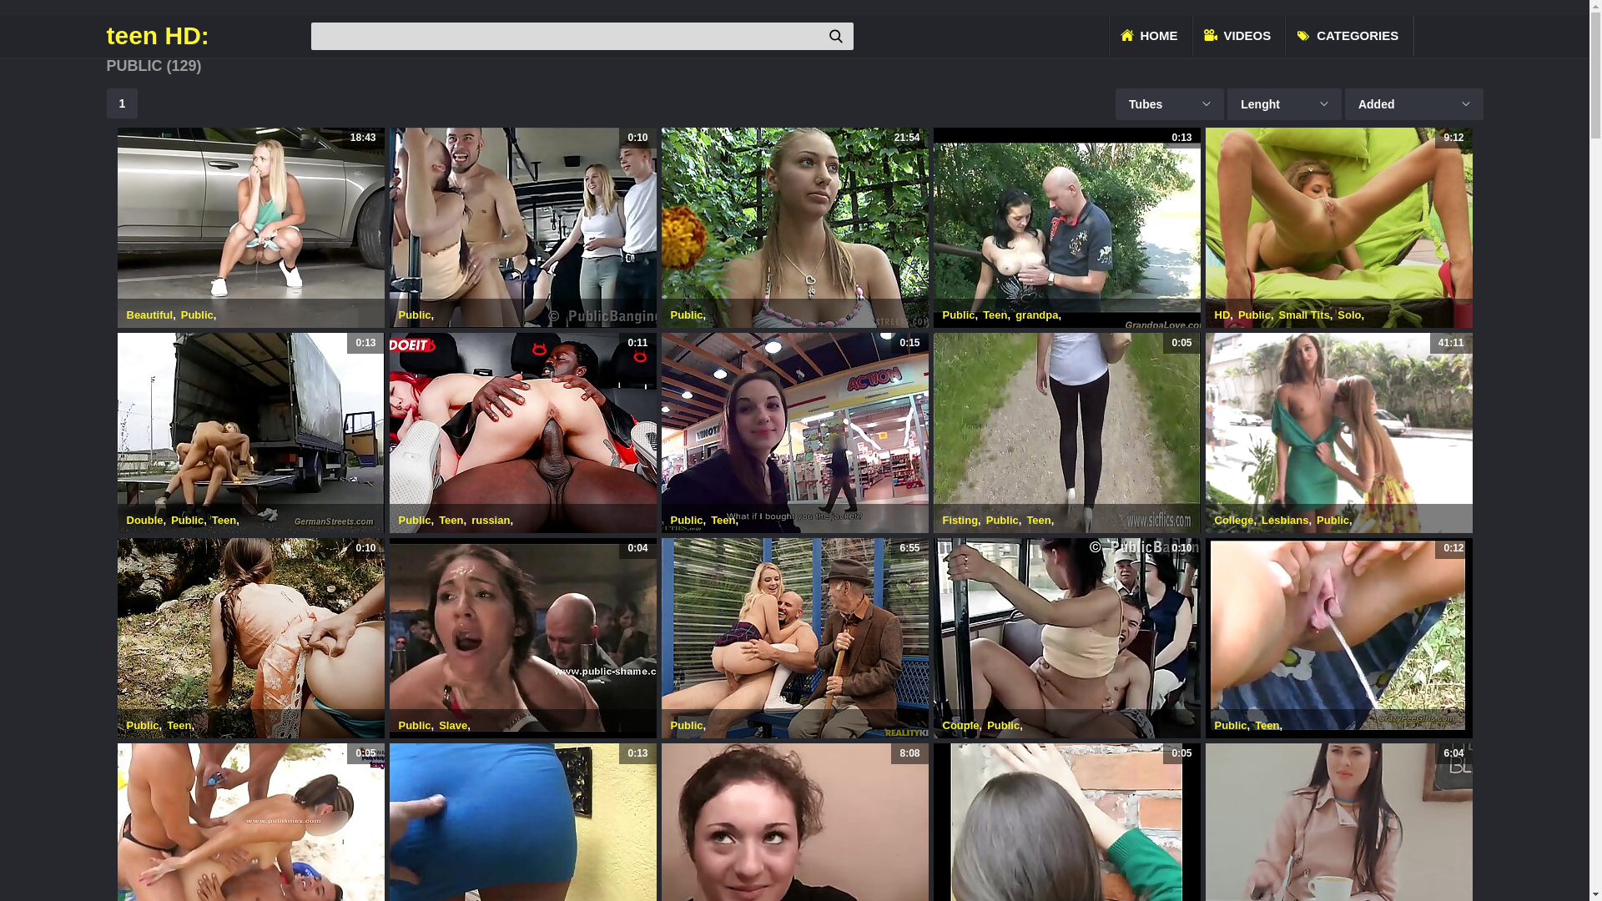  I want to click on 'Public', so click(687, 315).